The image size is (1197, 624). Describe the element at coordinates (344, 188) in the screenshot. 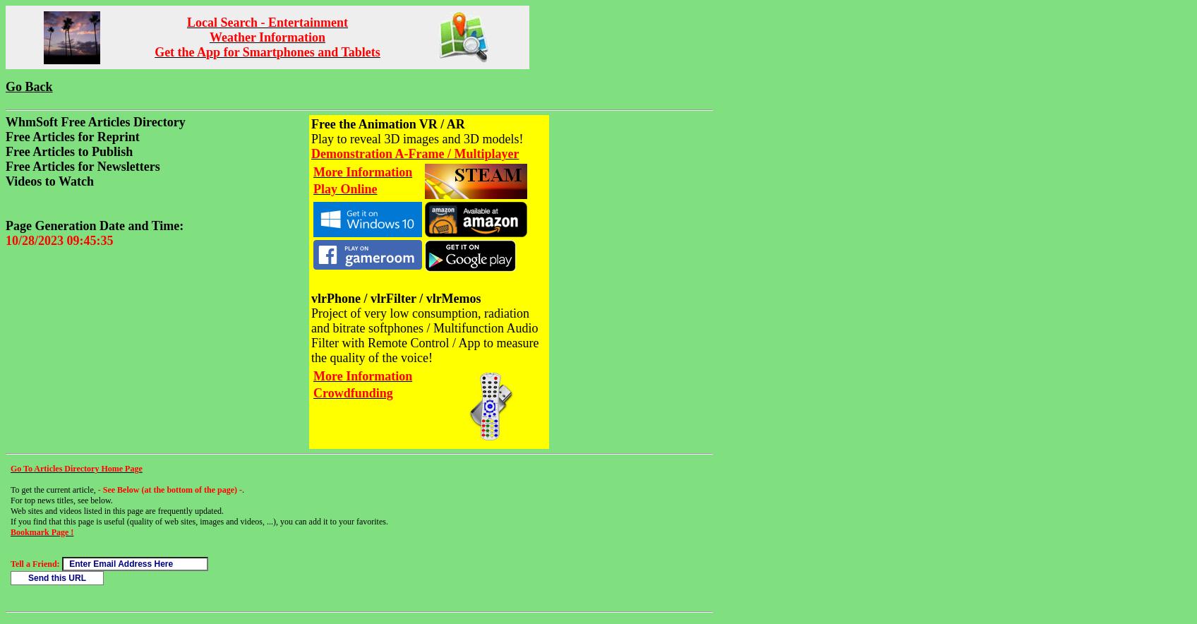

I see `'Play Online'` at that location.